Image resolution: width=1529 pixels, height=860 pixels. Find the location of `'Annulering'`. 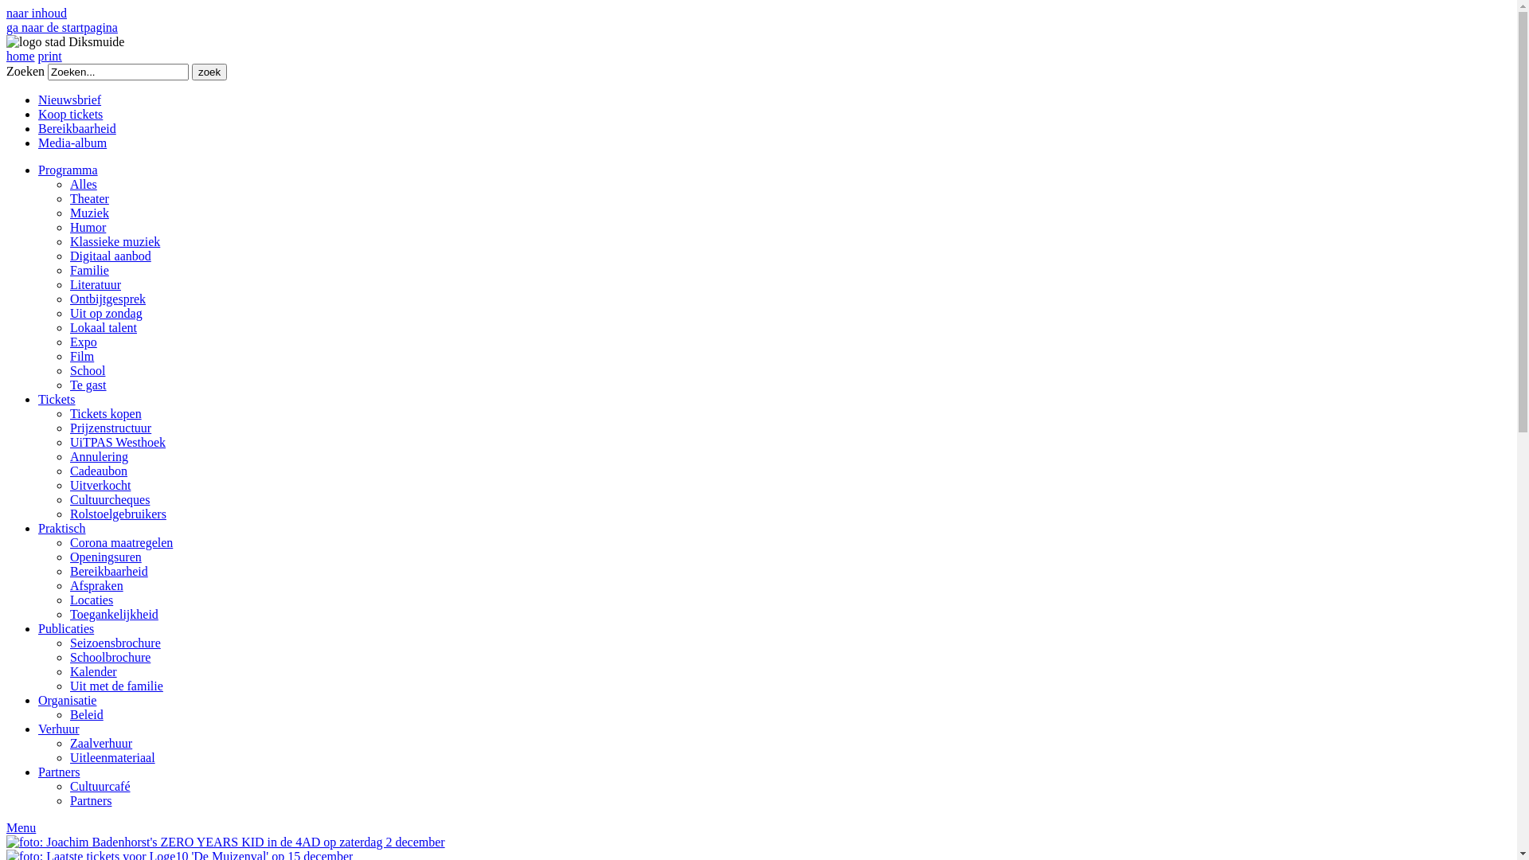

'Annulering' is located at coordinates (98, 456).